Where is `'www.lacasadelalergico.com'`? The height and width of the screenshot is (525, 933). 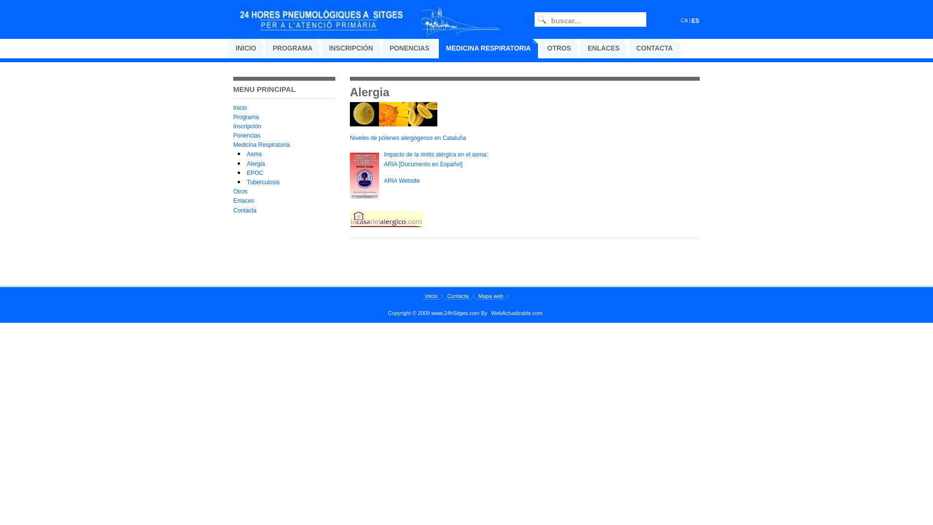 'www.lacasadelalergico.com' is located at coordinates (386, 226).